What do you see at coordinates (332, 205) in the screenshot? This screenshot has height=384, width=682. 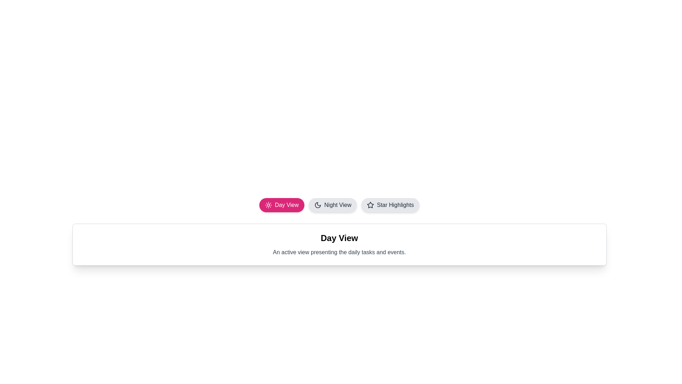 I see `the tab corresponding to Night View to change the active view` at bounding box center [332, 205].